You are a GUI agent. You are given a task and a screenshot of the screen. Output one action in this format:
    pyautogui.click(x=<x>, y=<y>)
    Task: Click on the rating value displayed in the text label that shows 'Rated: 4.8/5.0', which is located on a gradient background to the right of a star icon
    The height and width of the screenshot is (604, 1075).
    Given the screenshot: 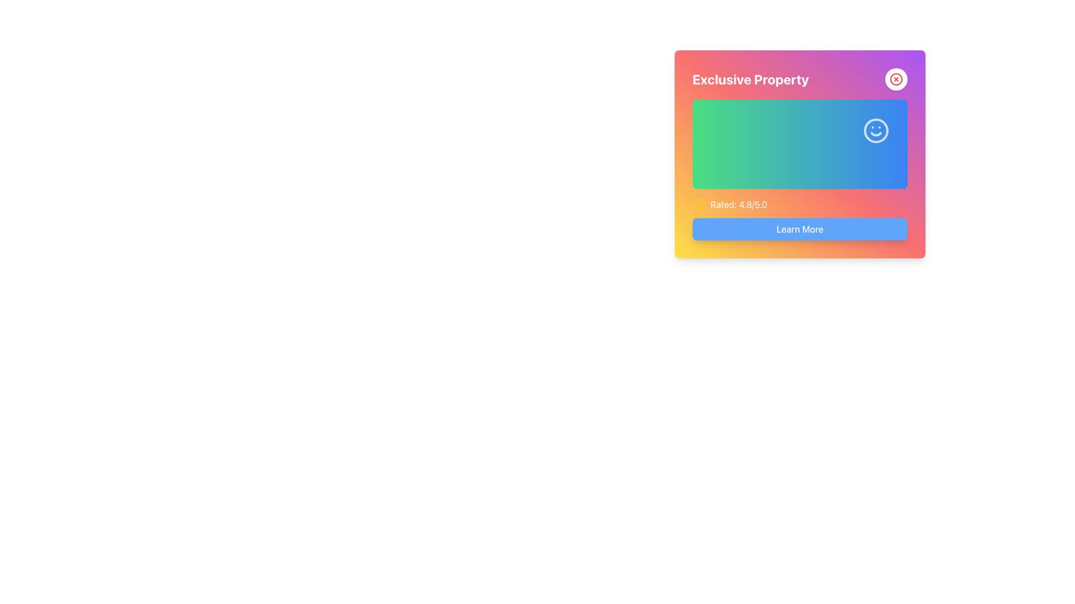 What is the action you would take?
    pyautogui.click(x=739, y=205)
    